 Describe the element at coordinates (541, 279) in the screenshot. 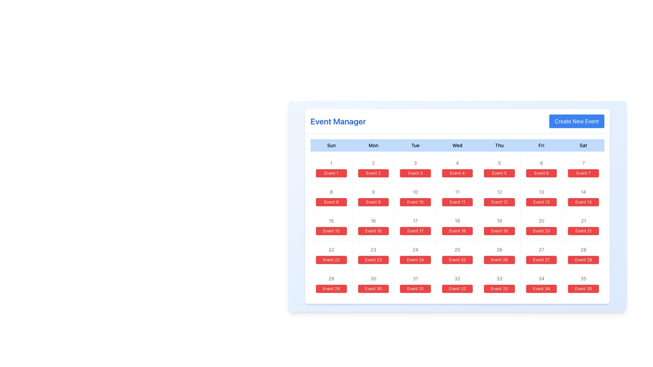

I see `the text label displaying the number '34' in gray font, which is located in the bottom row of the calendar grid above the red button labeled 'Event 34'` at that location.